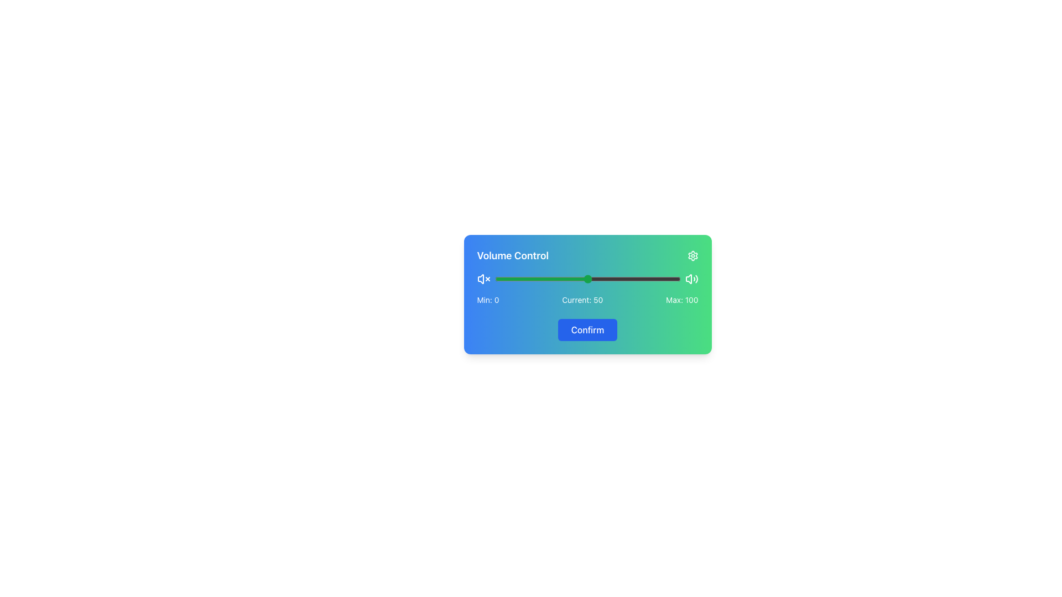 Image resolution: width=1062 pixels, height=597 pixels. I want to click on the green cogwheel-shaped settings icon located near the top-right corner of the panel, so click(692, 255).